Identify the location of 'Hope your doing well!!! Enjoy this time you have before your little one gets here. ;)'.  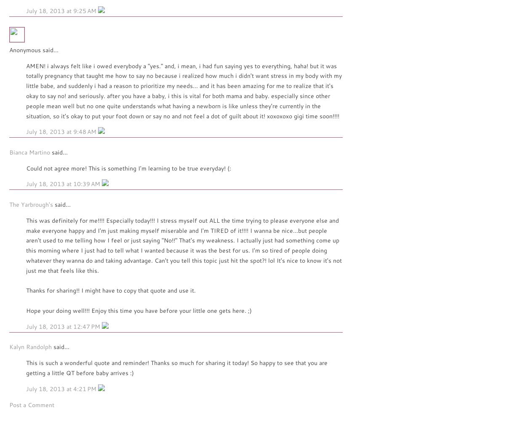
(26, 310).